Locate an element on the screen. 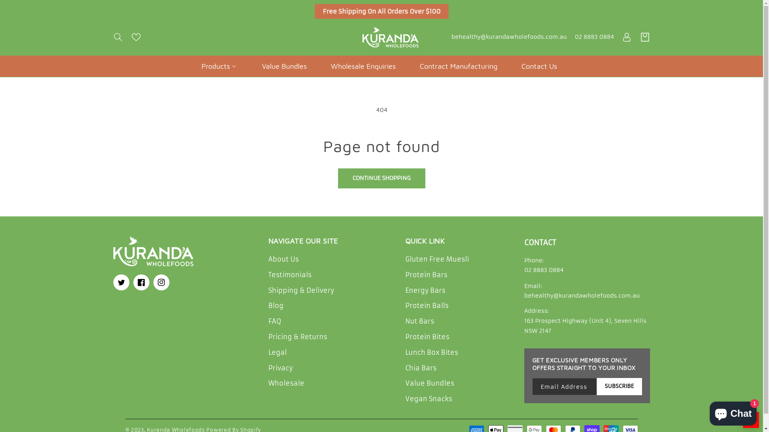 This screenshot has width=769, height=432. 'FAQ' is located at coordinates (275, 321).